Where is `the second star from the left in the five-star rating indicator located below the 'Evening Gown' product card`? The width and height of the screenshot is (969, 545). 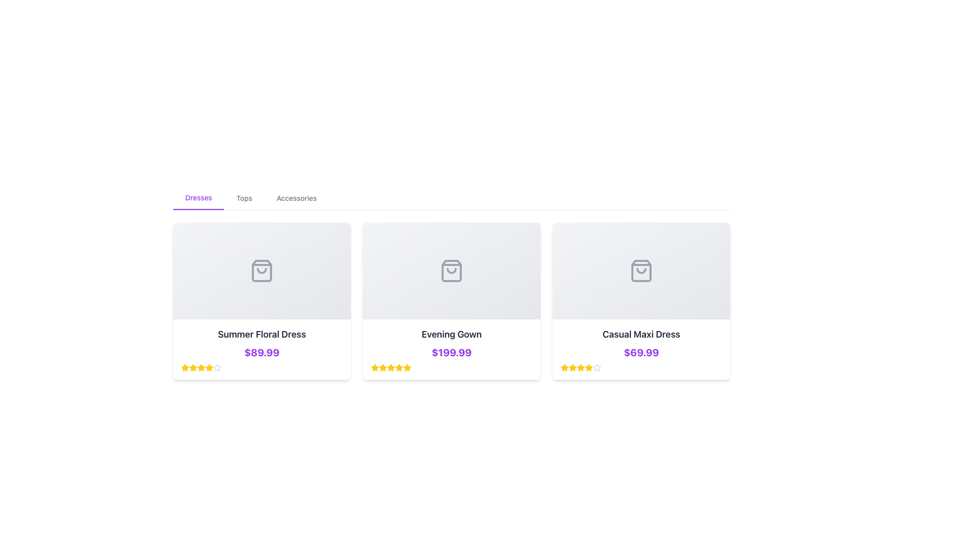 the second star from the left in the five-star rating indicator located below the 'Evening Gown' product card is located at coordinates (390, 367).